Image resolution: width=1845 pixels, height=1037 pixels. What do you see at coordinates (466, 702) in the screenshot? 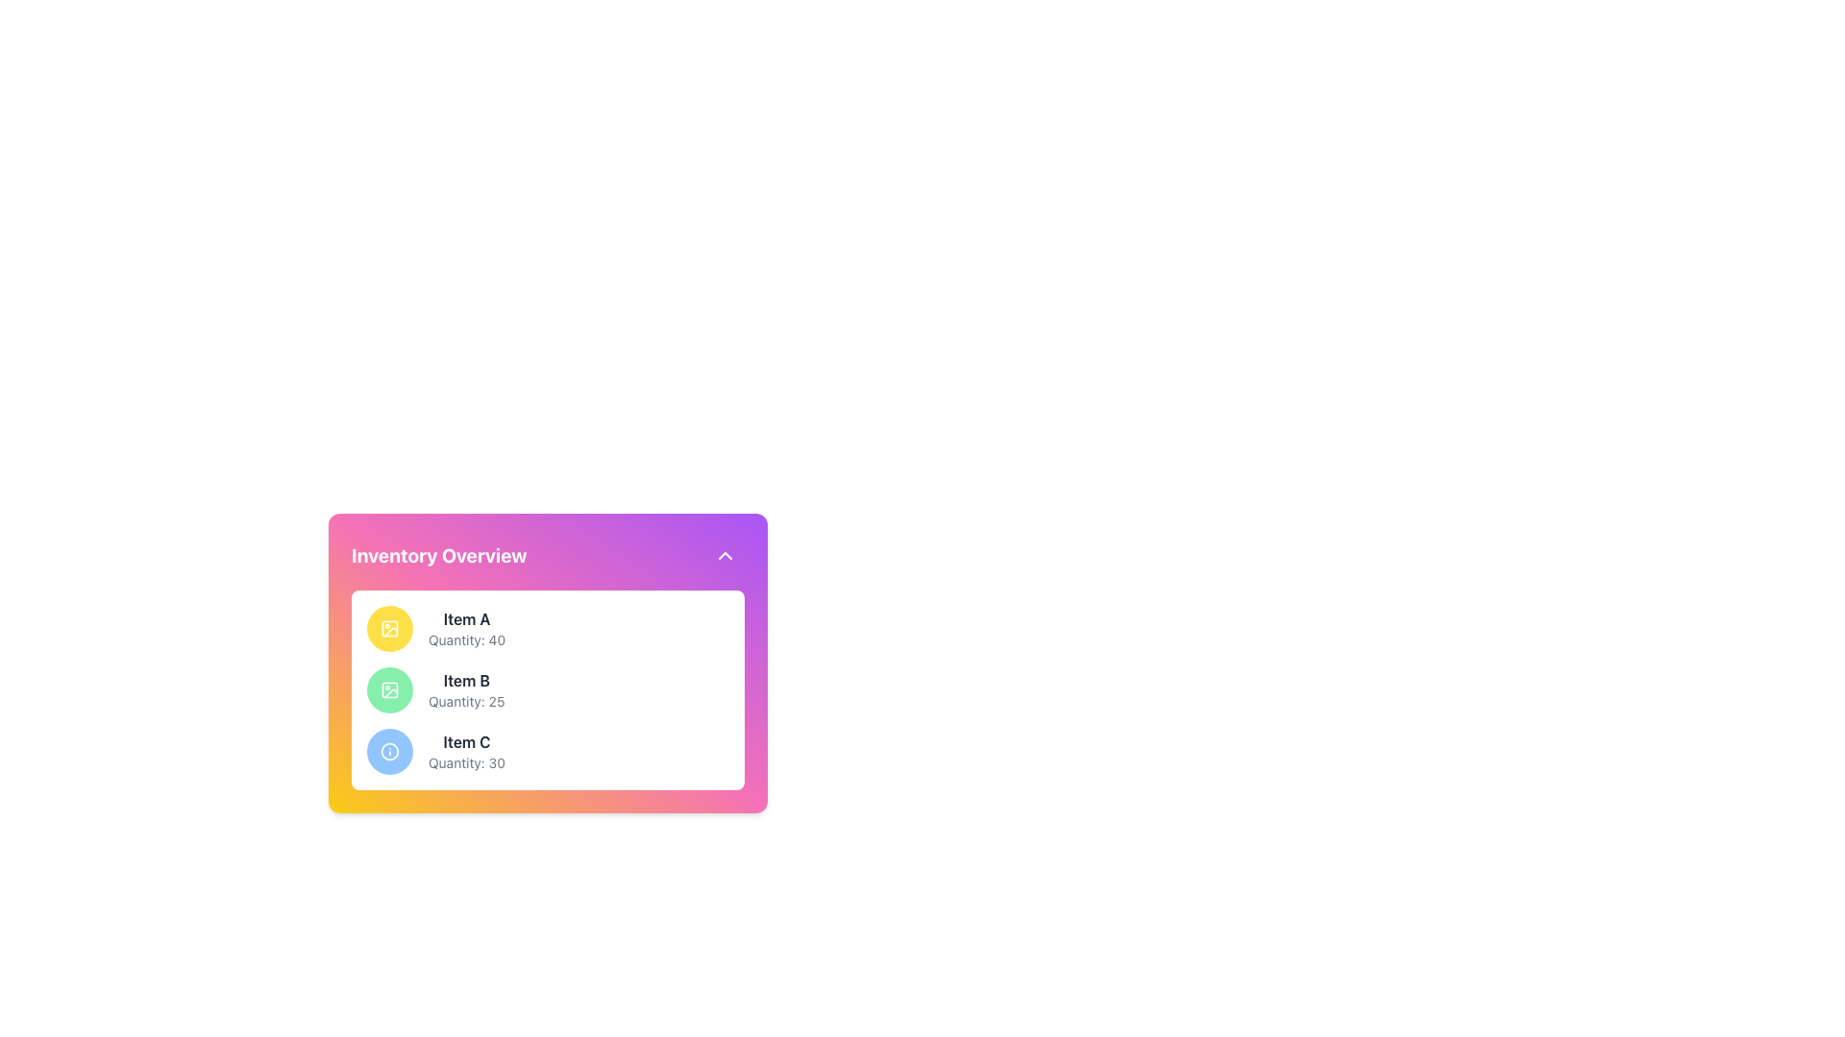
I see `the static text displaying 'Quantity: 25' which is positioned below the label 'Item B' in the 'Inventory Overview' card` at bounding box center [466, 702].